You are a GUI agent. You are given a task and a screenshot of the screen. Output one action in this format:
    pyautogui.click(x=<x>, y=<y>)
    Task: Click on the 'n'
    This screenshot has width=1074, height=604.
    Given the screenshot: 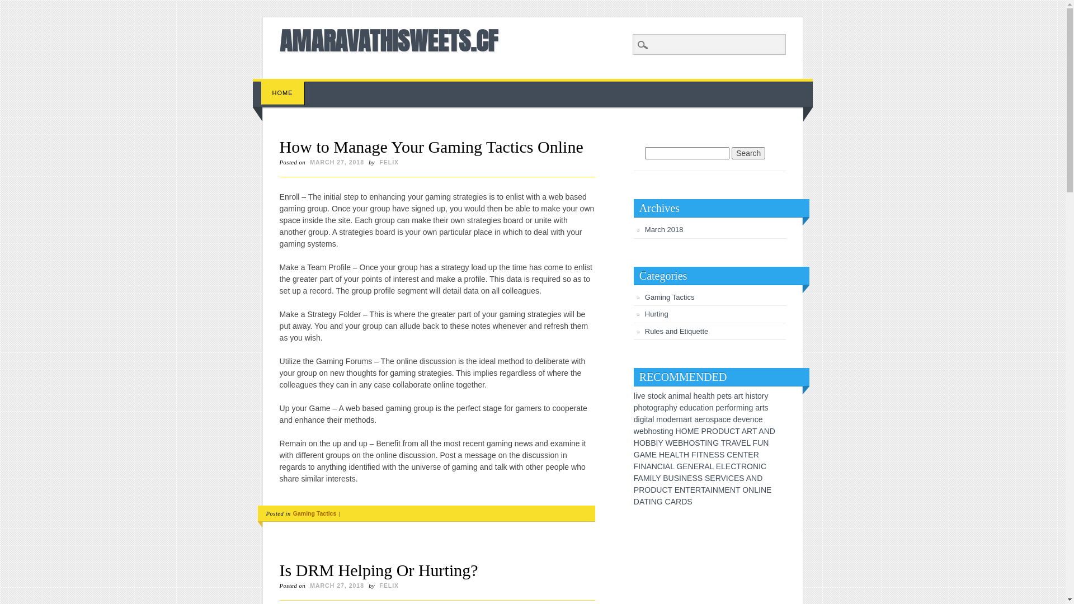 What is the action you would take?
    pyautogui.click(x=750, y=419)
    